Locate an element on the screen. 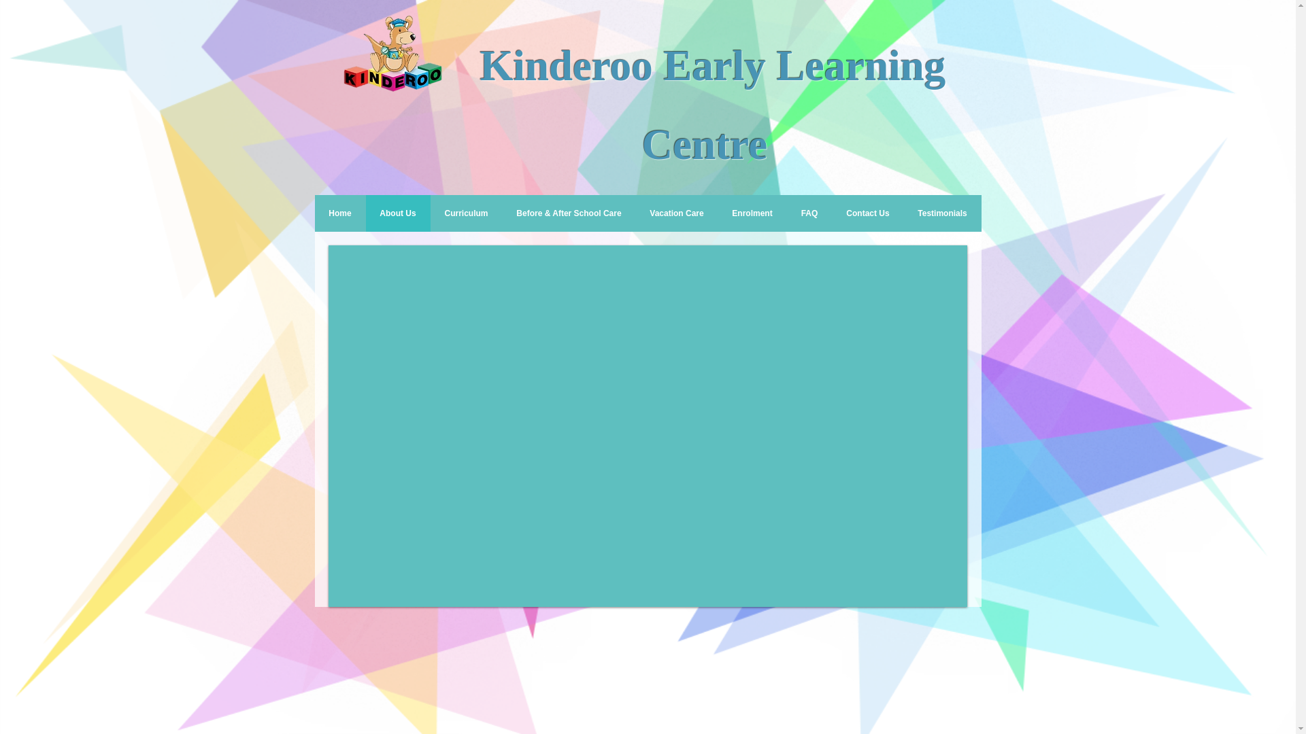  'Contact Us' is located at coordinates (867, 213).